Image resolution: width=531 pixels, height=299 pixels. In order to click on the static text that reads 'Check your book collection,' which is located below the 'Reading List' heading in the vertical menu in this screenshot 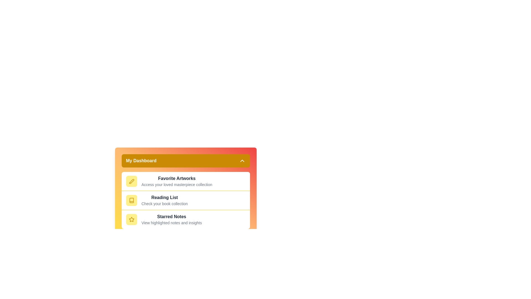, I will do `click(164, 204)`.